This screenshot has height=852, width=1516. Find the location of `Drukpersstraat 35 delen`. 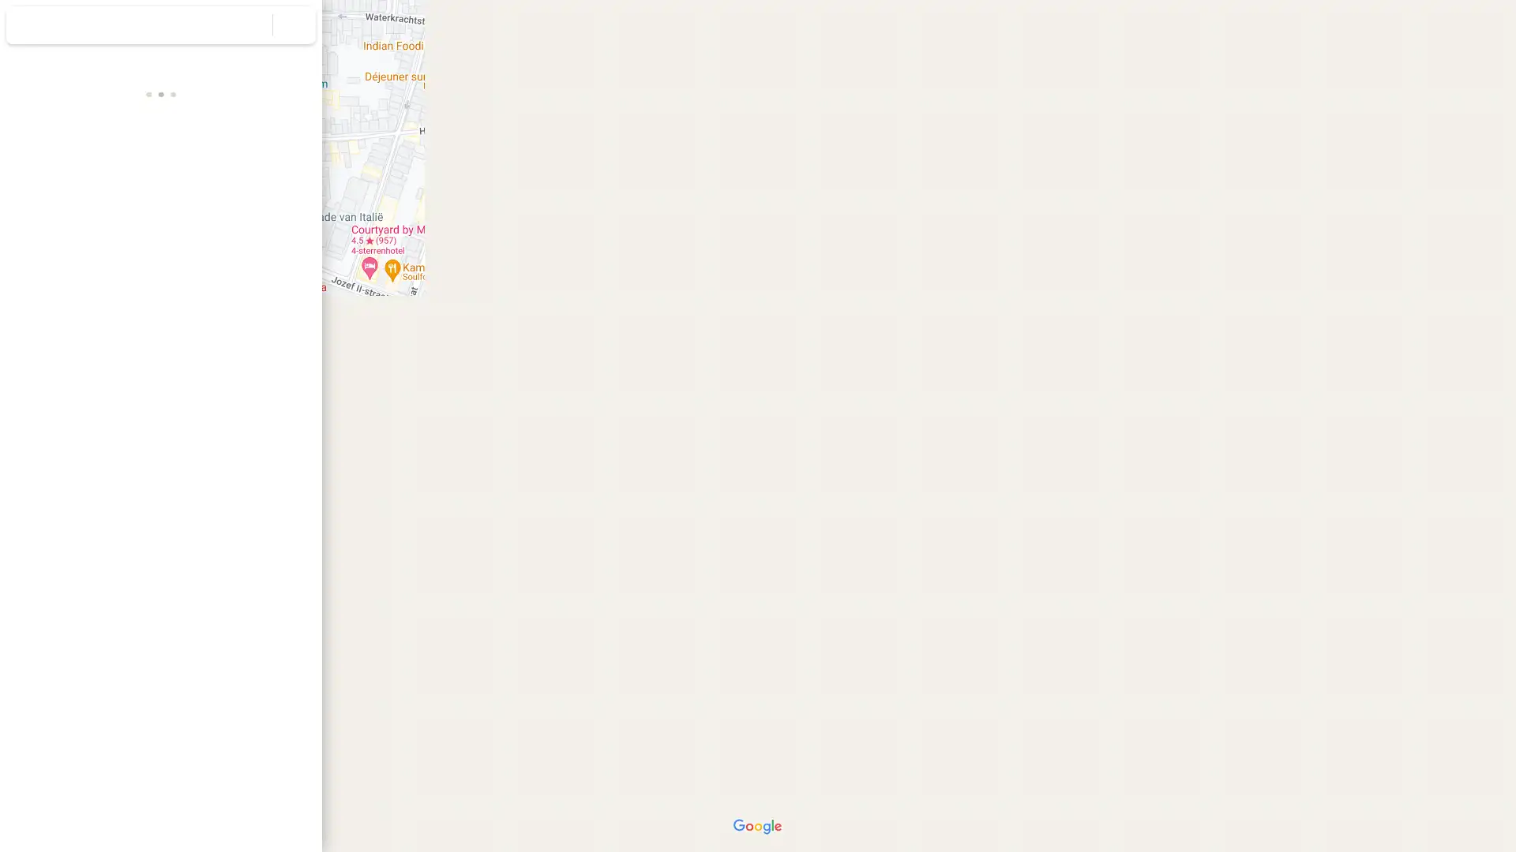

Drukpersstraat 35 delen is located at coordinates (276, 270).